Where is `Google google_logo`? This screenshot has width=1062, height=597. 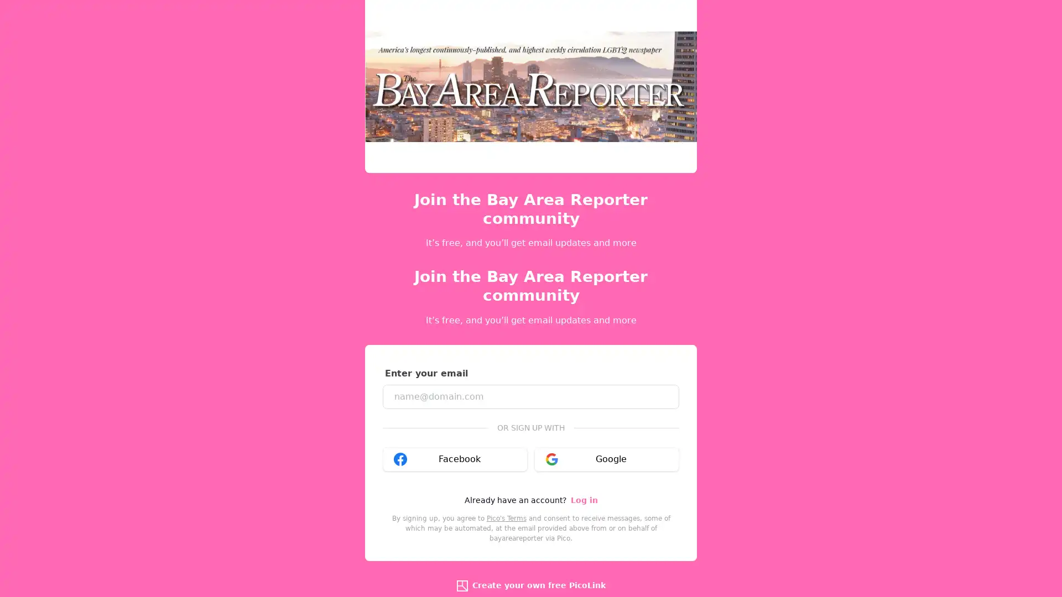 Google google_logo is located at coordinates (606, 458).